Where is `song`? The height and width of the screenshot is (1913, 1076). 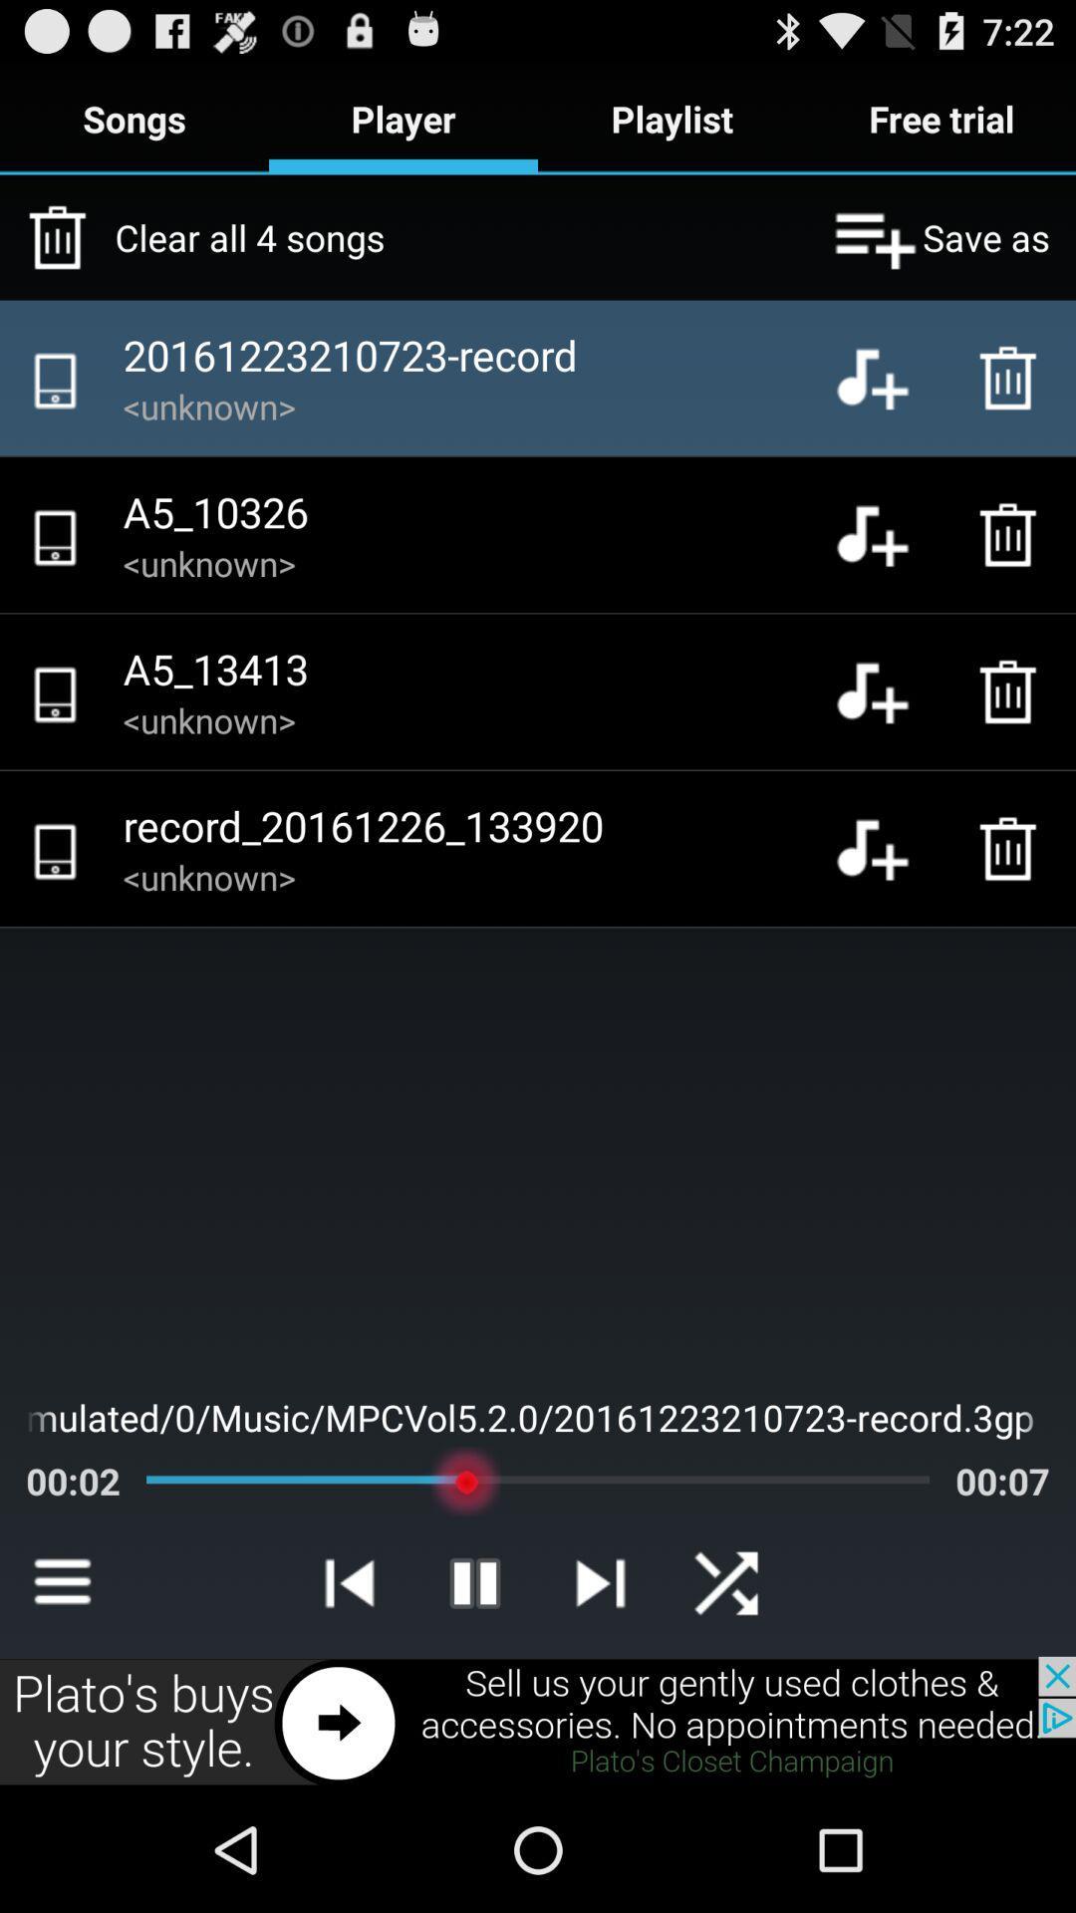 song is located at coordinates (887, 848).